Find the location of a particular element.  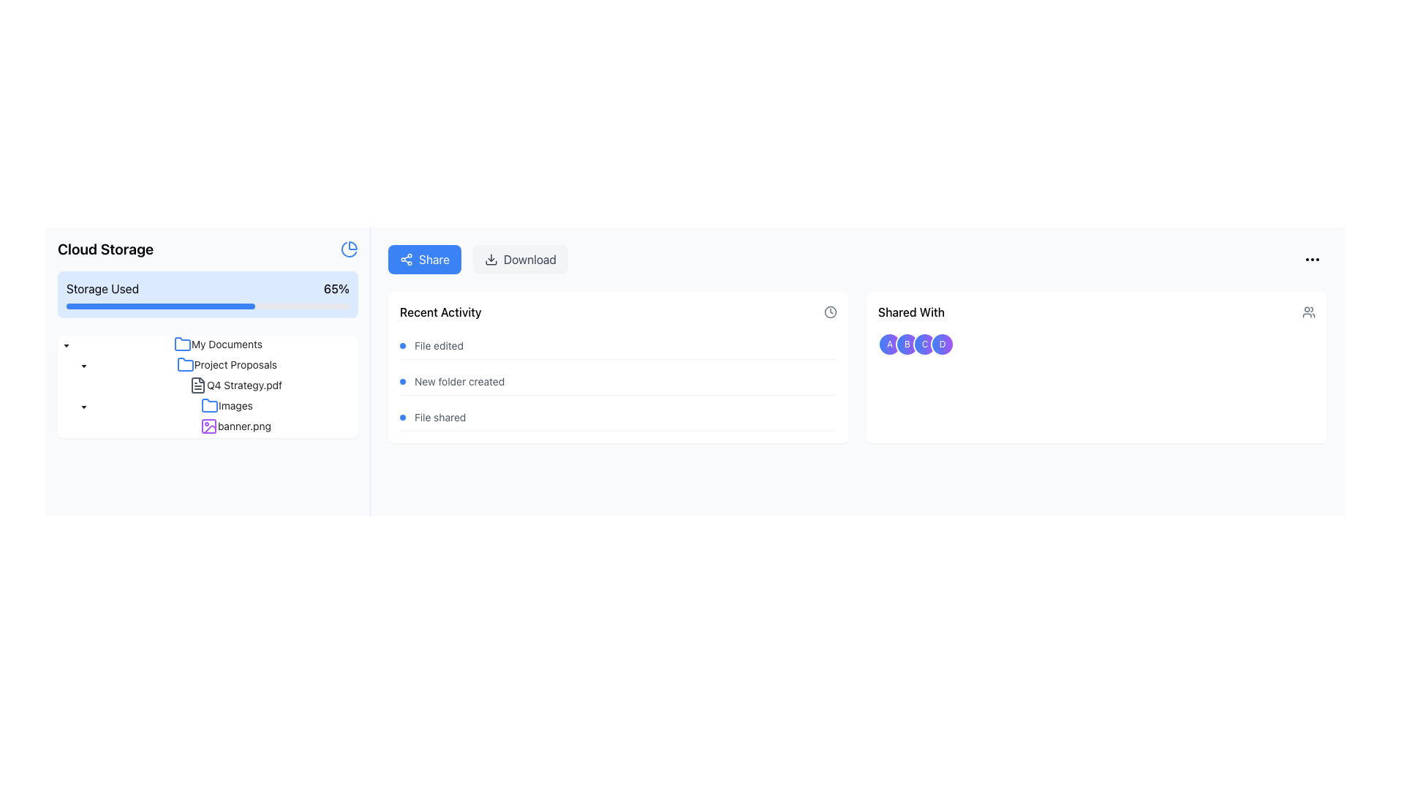

the small down-pointing caret icon next to the 'Project Proposals' folder is located at coordinates (66, 346).